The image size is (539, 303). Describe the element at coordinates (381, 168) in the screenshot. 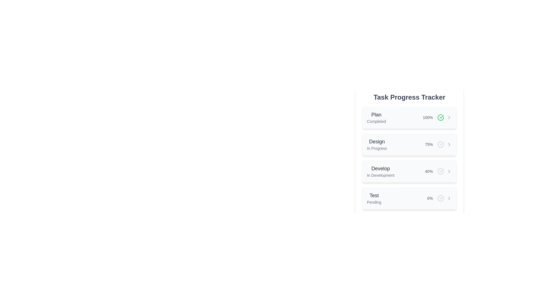

I see `the text label displaying the word 'Develop' in bold, dark gray font, located in the 'Task Progress Tracker' section above the 'In Development' subtext` at that location.